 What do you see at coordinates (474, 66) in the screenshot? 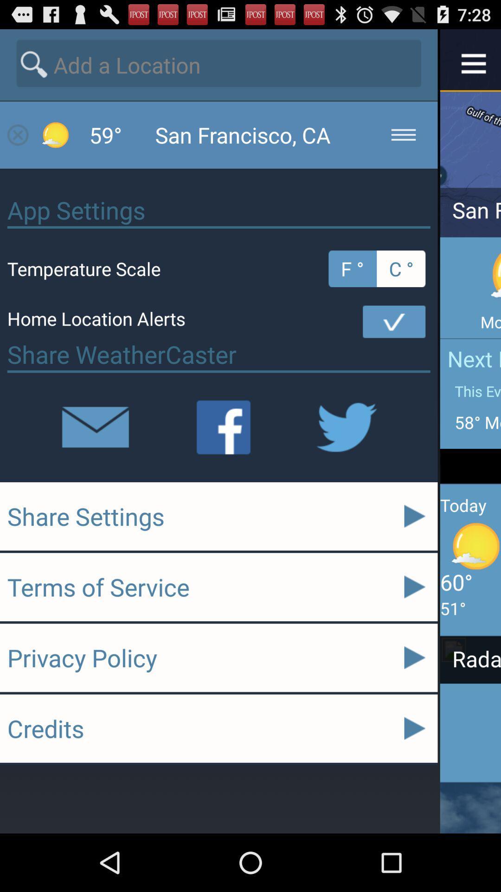
I see `the menu icon` at bounding box center [474, 66].